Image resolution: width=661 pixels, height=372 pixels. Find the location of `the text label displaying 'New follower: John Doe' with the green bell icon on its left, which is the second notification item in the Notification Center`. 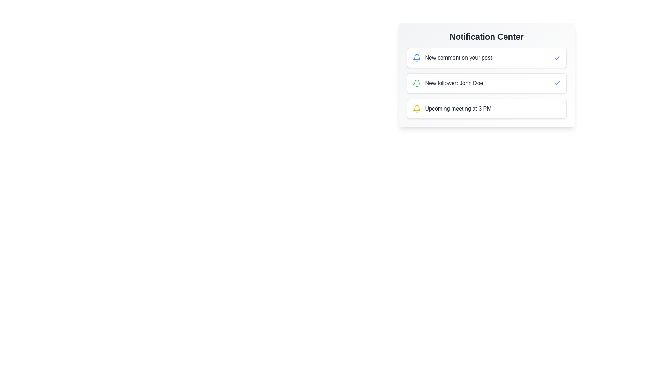

the text label displaying 'New follower: John Doe' with the green bell icon on its left, which is the second notification item in the Notification Center is located at coordinates (448, 83).